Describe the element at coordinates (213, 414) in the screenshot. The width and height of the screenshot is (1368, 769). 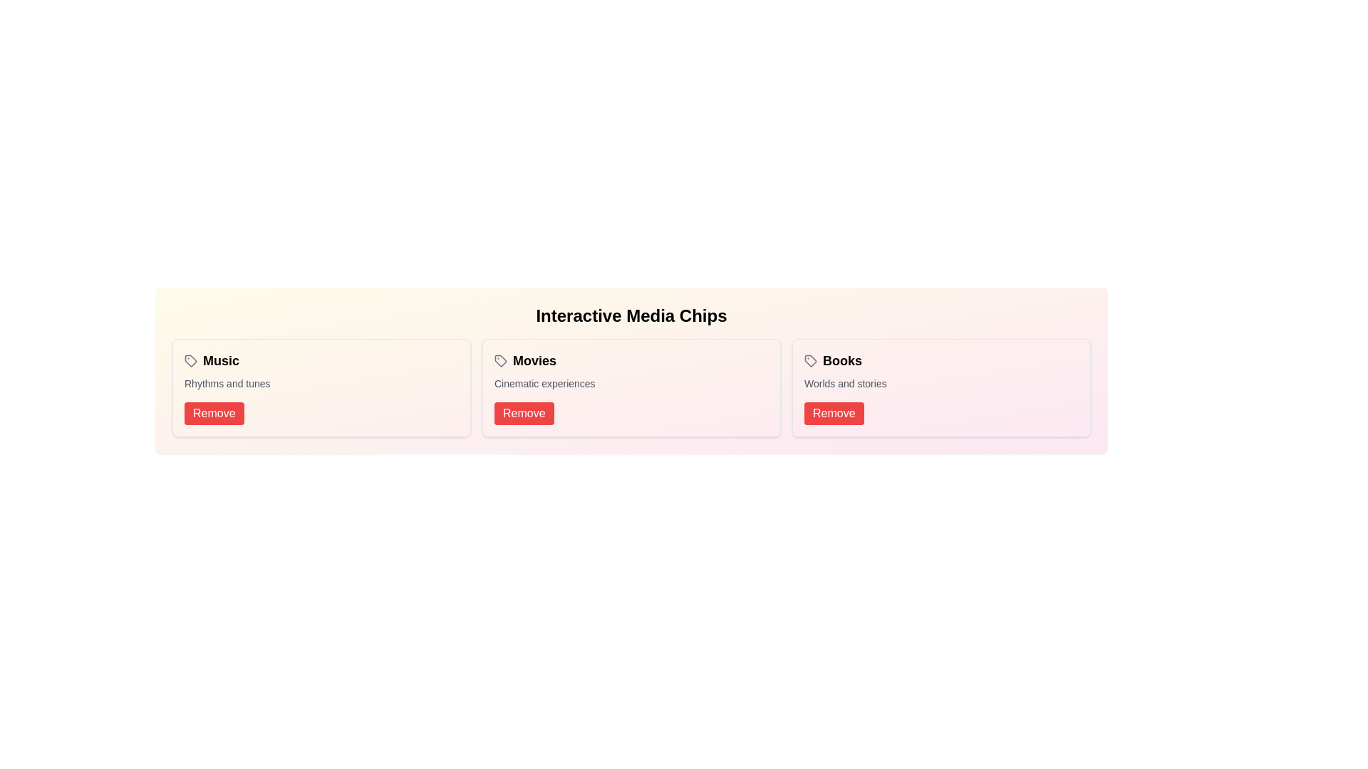
I see `remove button for the chip labeled Music` at that location.